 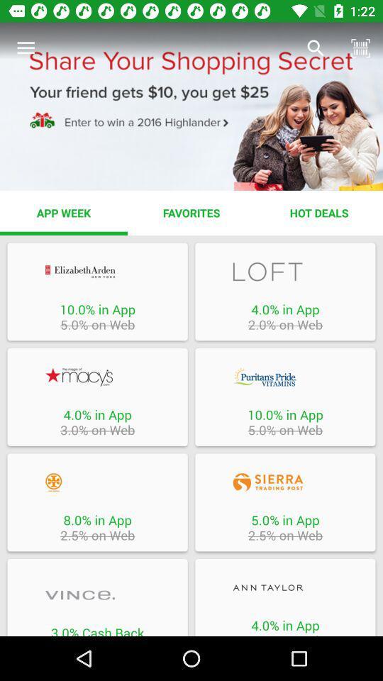 I want to click on store, so click(x=285, y=376).